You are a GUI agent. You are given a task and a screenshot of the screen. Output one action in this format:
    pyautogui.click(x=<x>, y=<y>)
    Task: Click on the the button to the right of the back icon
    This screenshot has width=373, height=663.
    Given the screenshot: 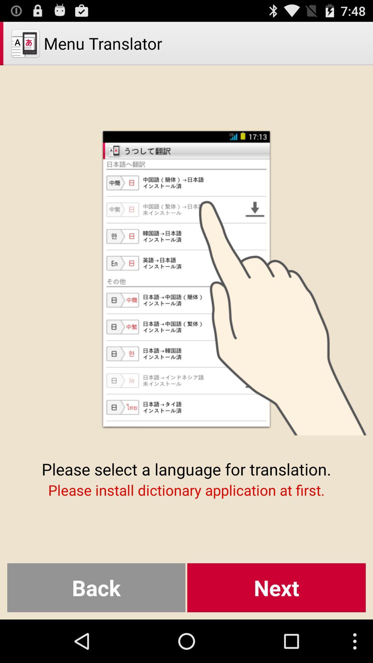 What is the action you would take?
    pyautogui.click(x=276, y=587)
    